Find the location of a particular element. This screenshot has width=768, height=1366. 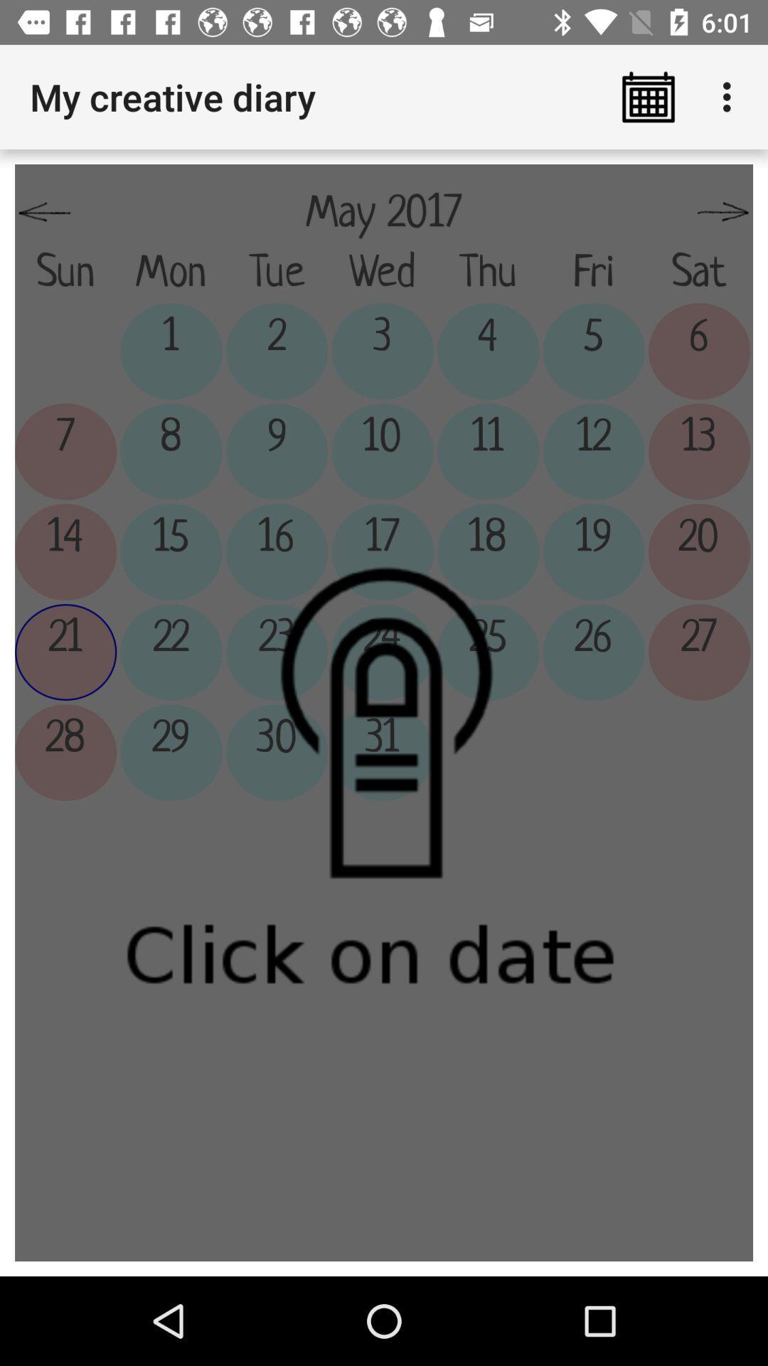

the app below the my creative diary icon is located at coordinates (43, 212).